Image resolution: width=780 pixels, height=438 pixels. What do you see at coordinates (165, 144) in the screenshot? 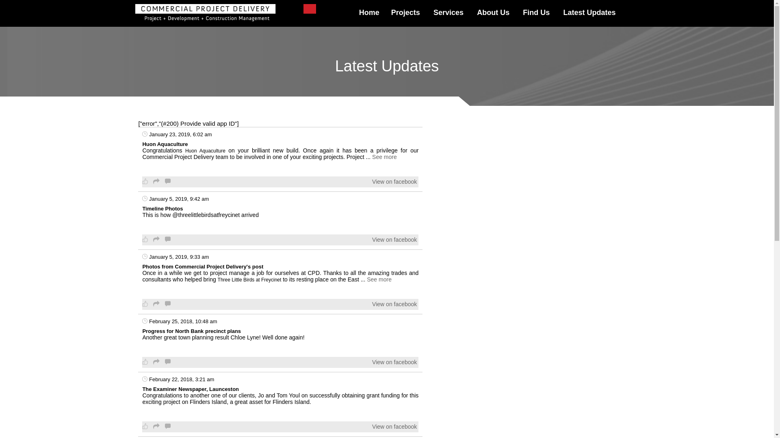
I see `'Huon Aquaculture'` at bounding box center [165, 144].